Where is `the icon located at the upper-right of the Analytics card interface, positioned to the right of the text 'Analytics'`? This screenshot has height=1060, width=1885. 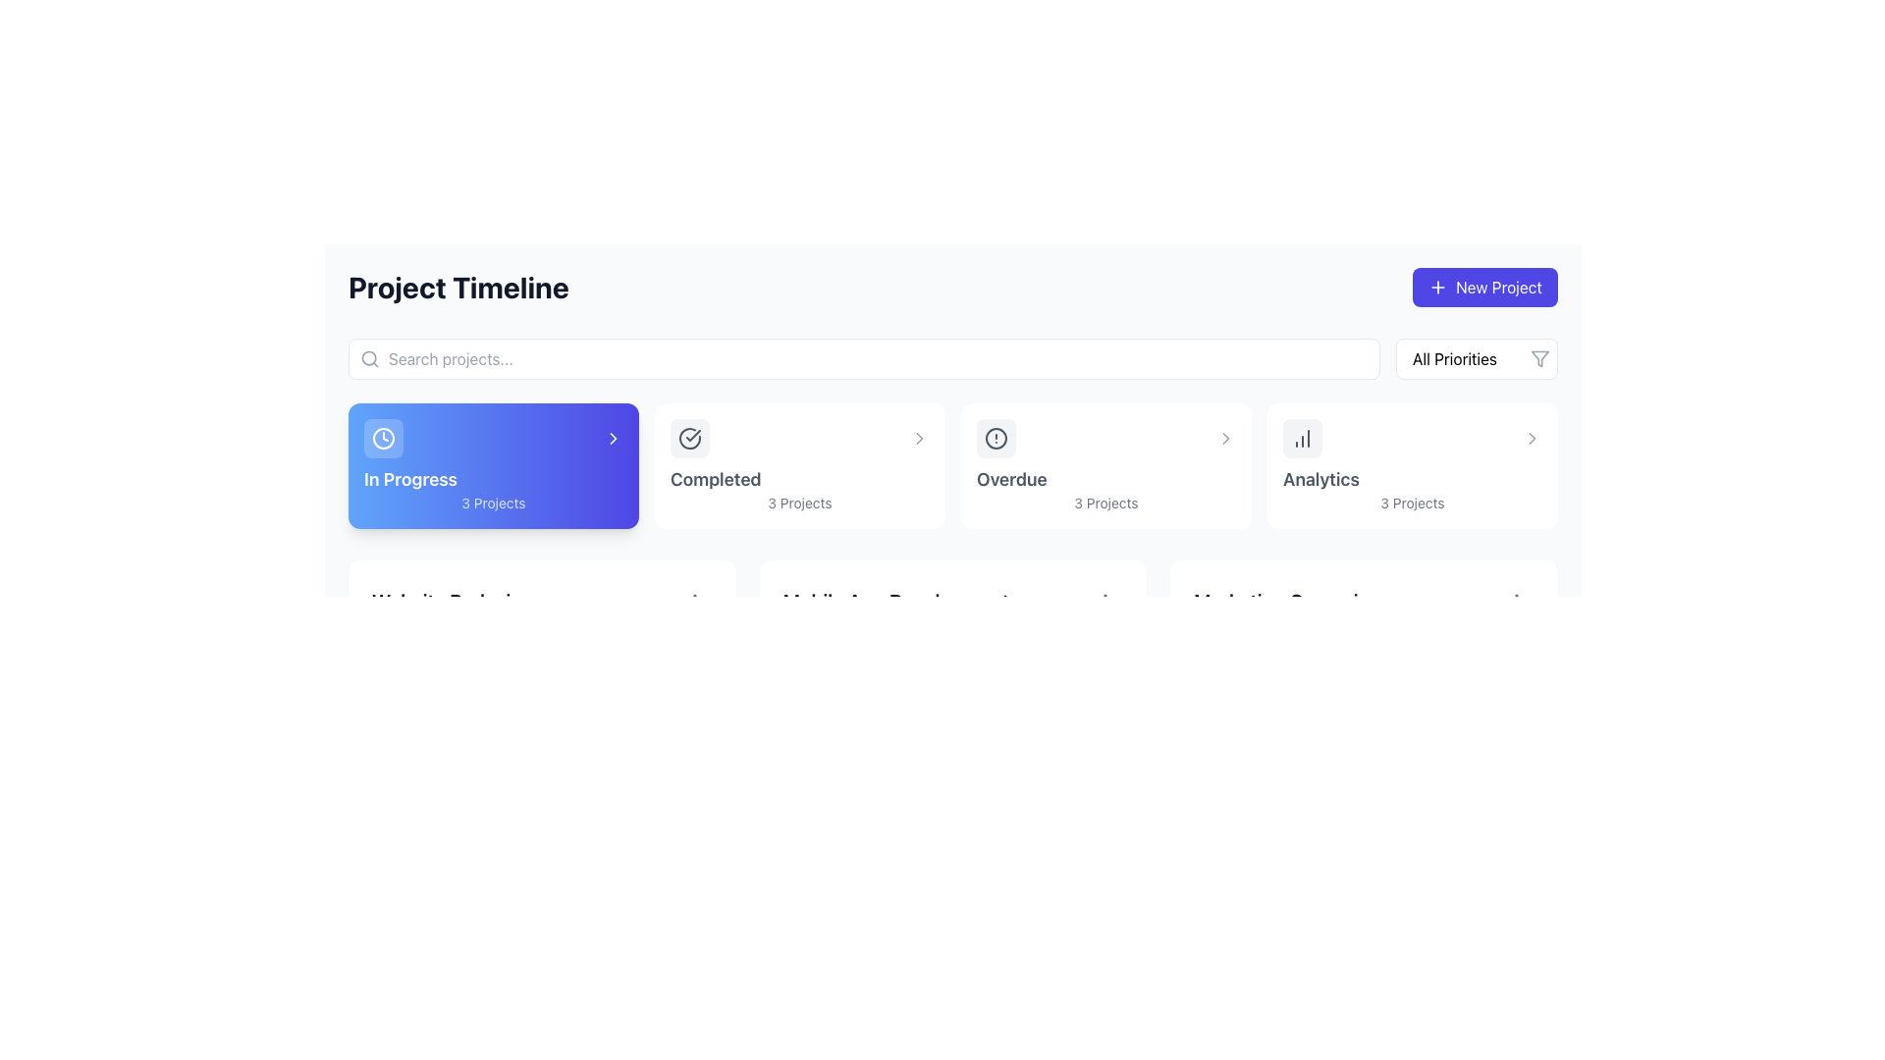
the icon located at the upper-right of the Analytics card interface, positioned to the right of the text 'Analytics' is located at coordinates (1531, 438).